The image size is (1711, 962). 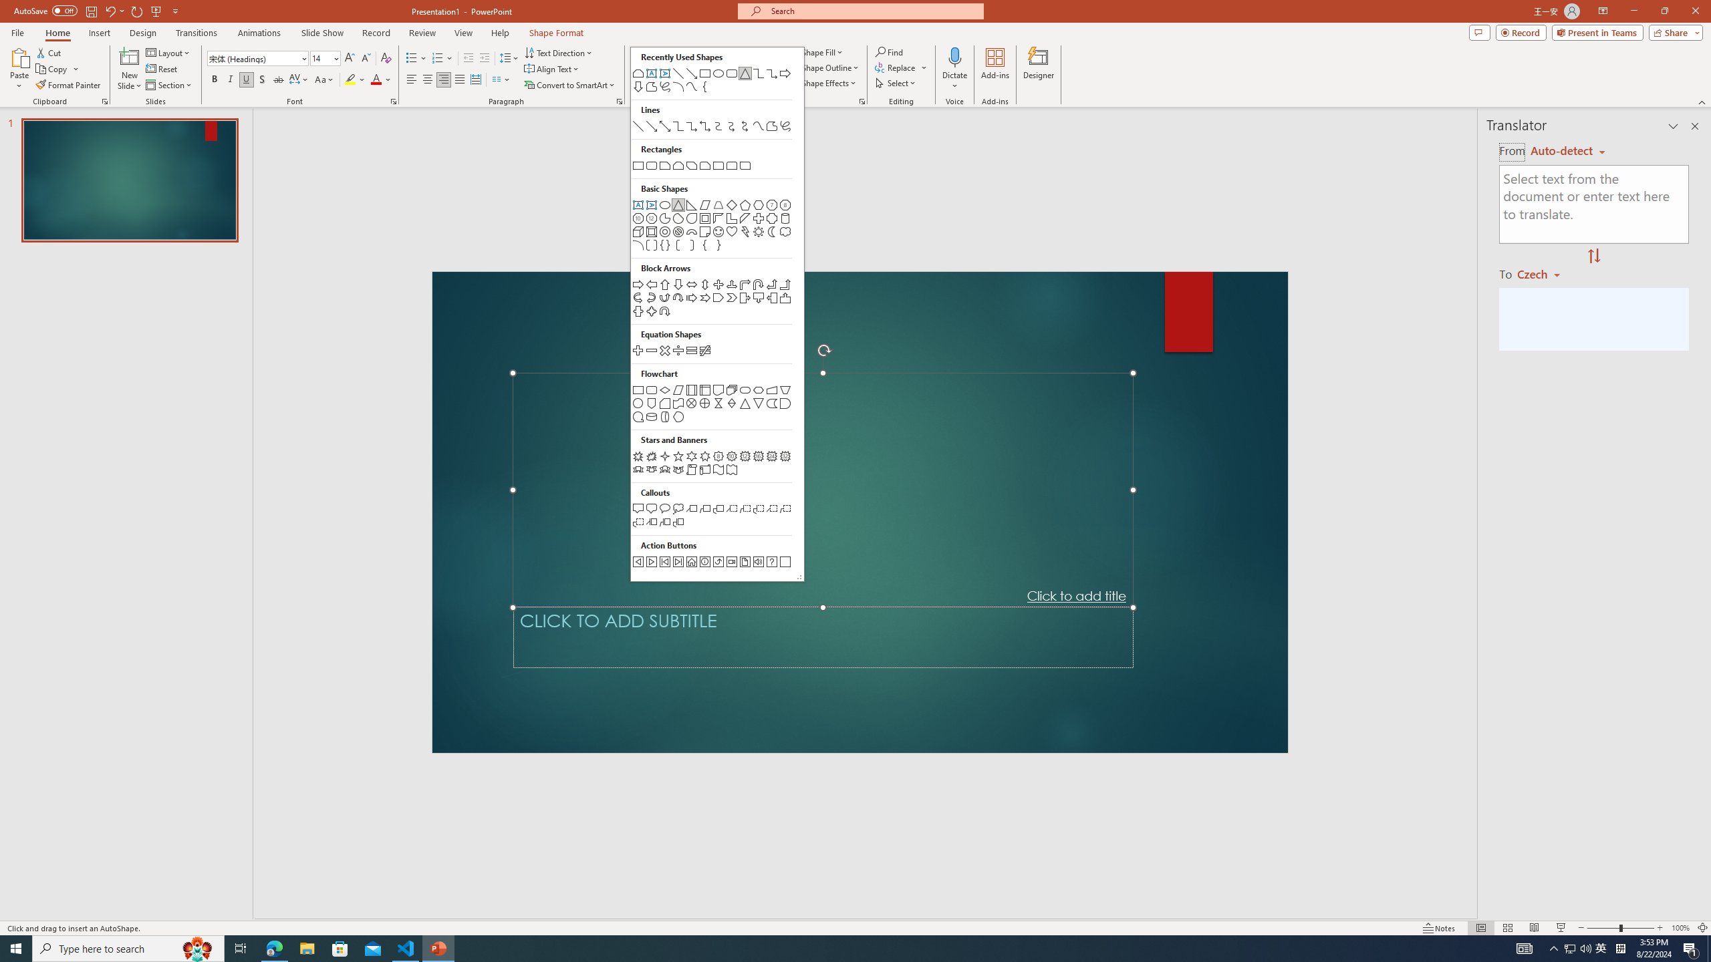 I want to click on 'Swap "from" and "to" languages.', so click(x=1593, y=256).